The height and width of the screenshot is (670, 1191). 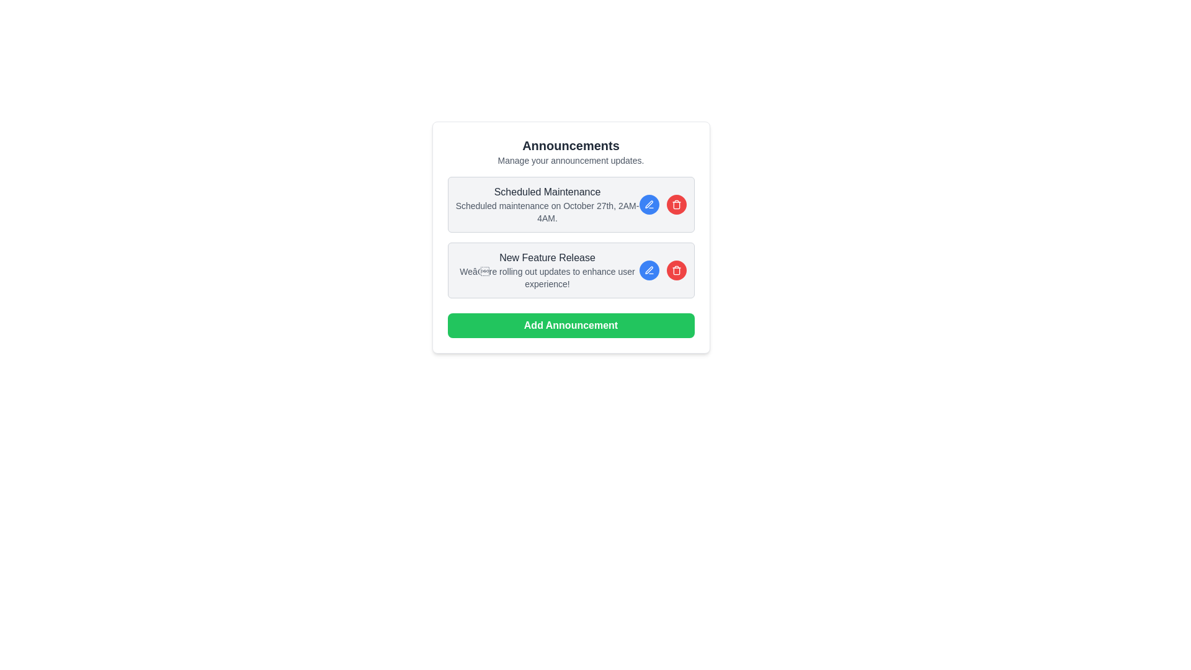 I want to click on text element that displays the message 'We’re rolling out updates to enhance user experience!' which is located below the 'New Feature Release' text in the announcement section, so click(x=546, y=277).